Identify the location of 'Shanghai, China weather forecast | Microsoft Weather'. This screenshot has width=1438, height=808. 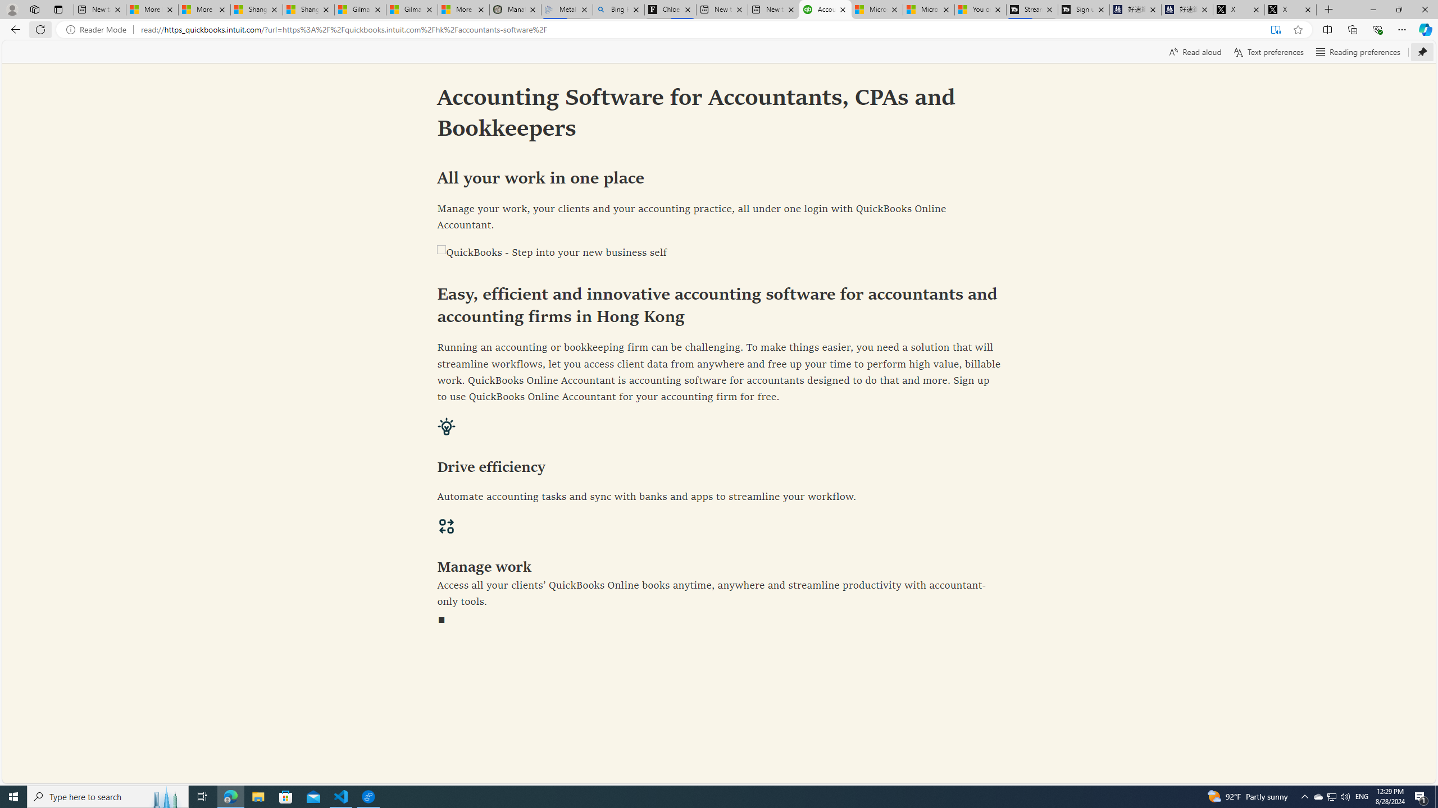
(308, 9).